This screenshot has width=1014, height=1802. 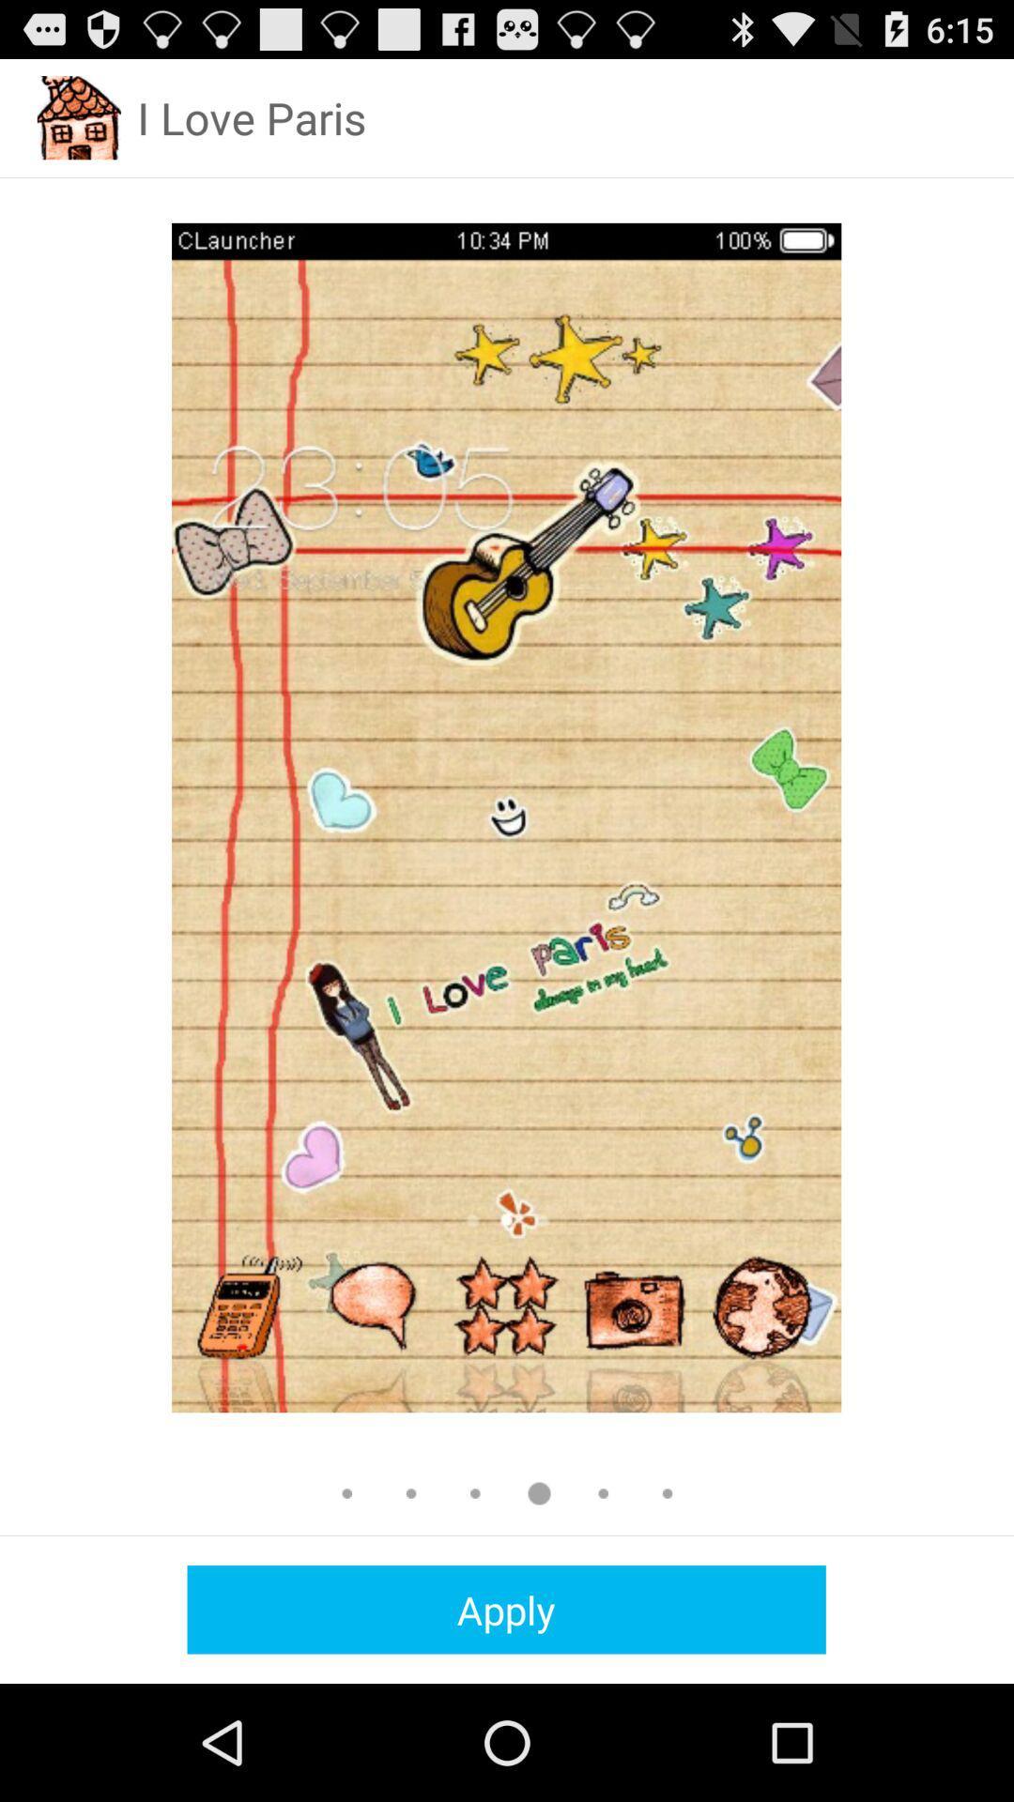 What do you see at coordinates (505, 1609) in the screenshot?
I see `the apply button` at bounding box center [505, 1609].